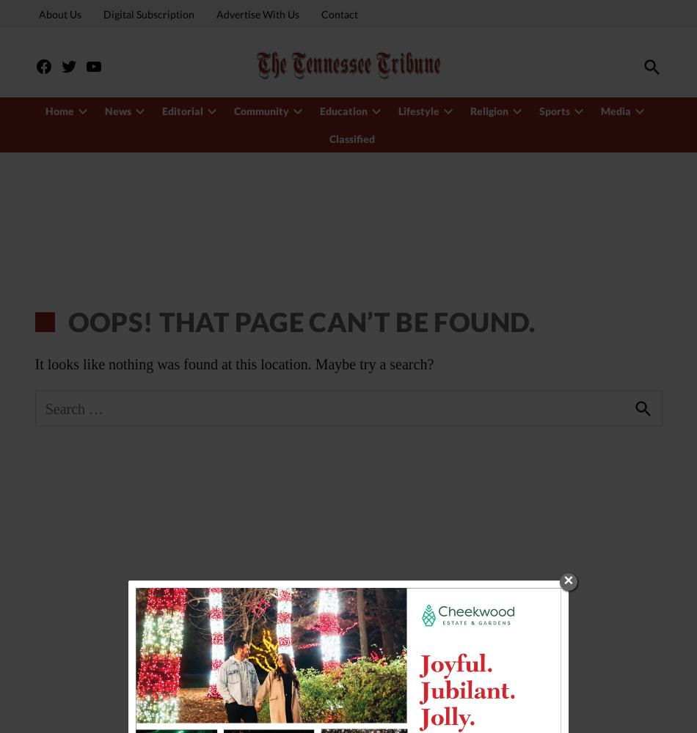 The image size is (697, 733). Describe the element at coordinates (337, 13) in the screenshot. I see `'Contact'` at that location.